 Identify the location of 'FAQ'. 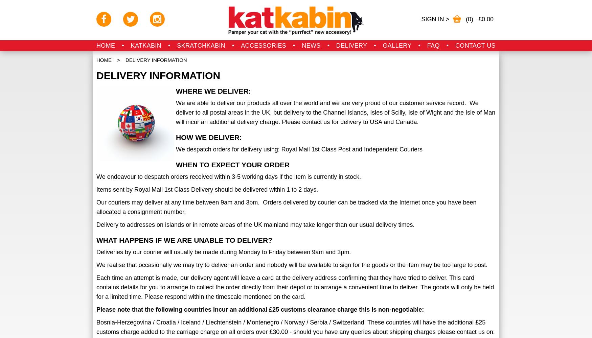
(433, 46).